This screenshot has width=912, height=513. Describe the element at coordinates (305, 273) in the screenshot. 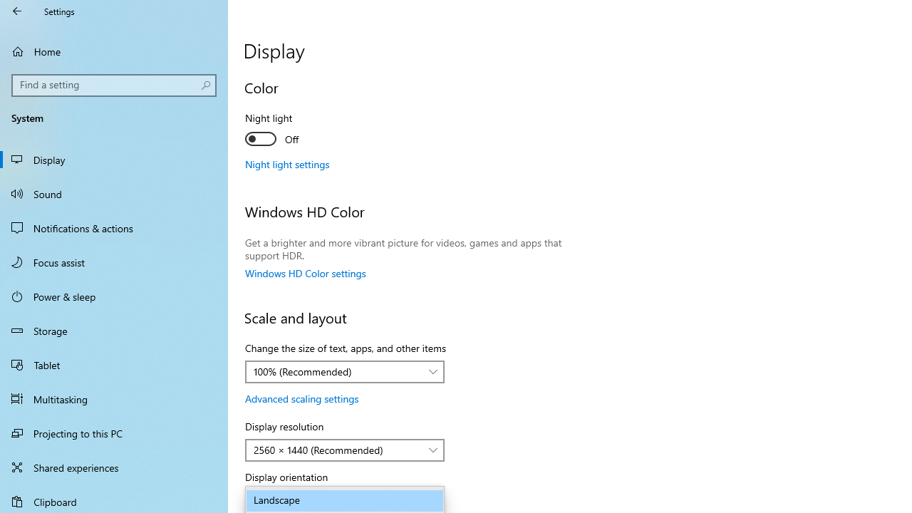

I see `'Windows HD Color settings'` at that location.